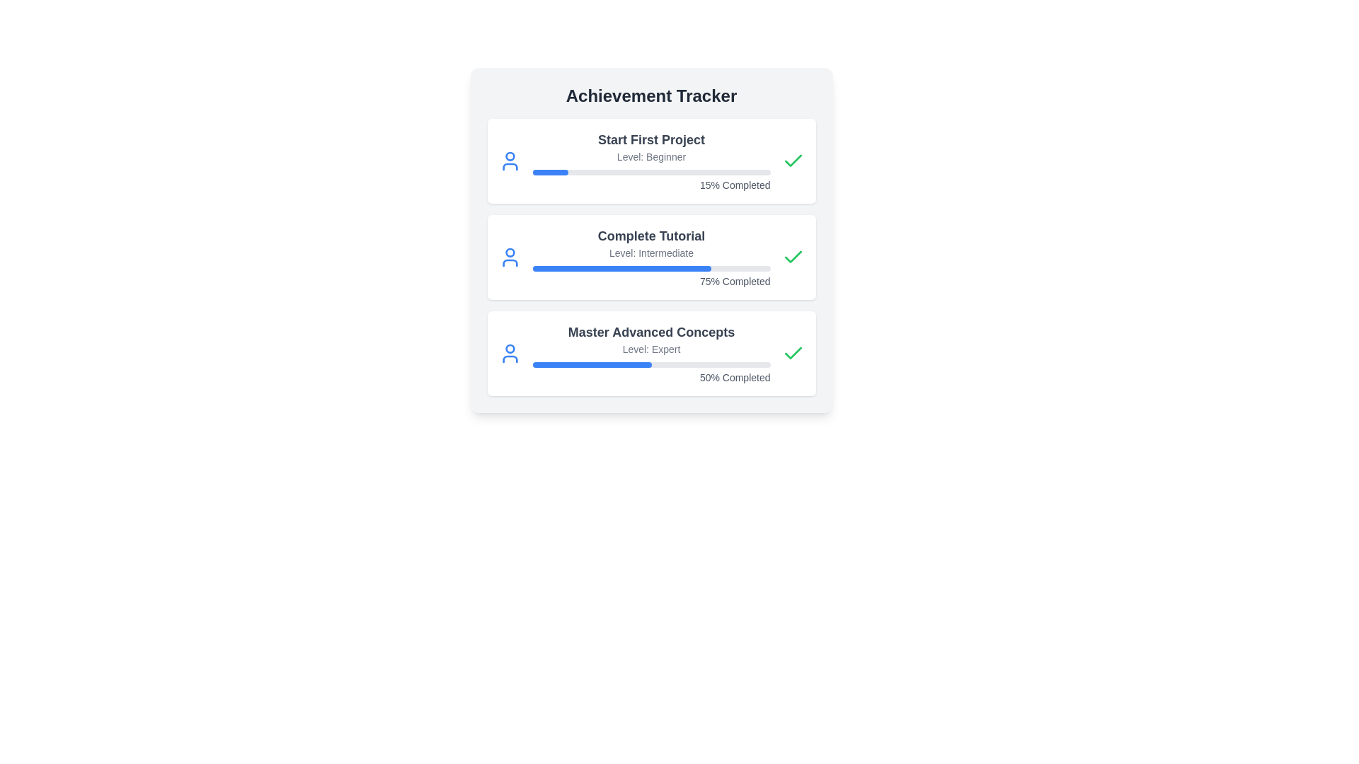  Describe the element at coordinates (650, 257) in the screenshot. I see `the textual indicators of the Progress Indicator with Descriptive Labels that shows 'Complete Tutorial' and 'Level: Intermediate'` at that location.